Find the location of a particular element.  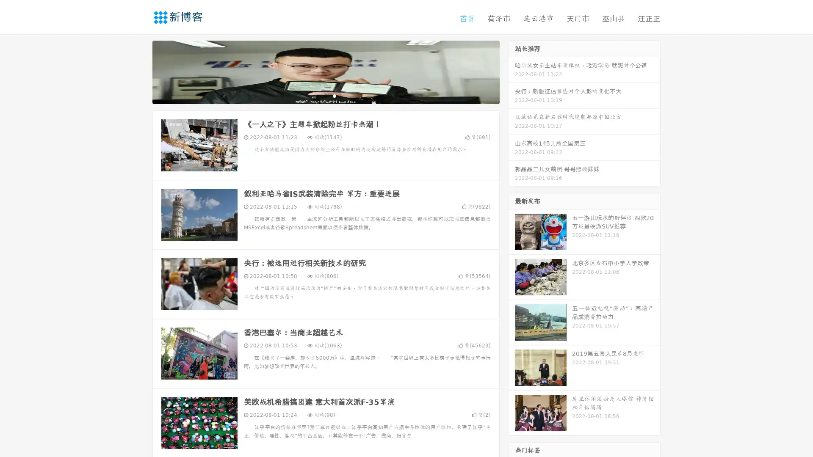

Go to slide 2 is located at coordinates (325, 95).